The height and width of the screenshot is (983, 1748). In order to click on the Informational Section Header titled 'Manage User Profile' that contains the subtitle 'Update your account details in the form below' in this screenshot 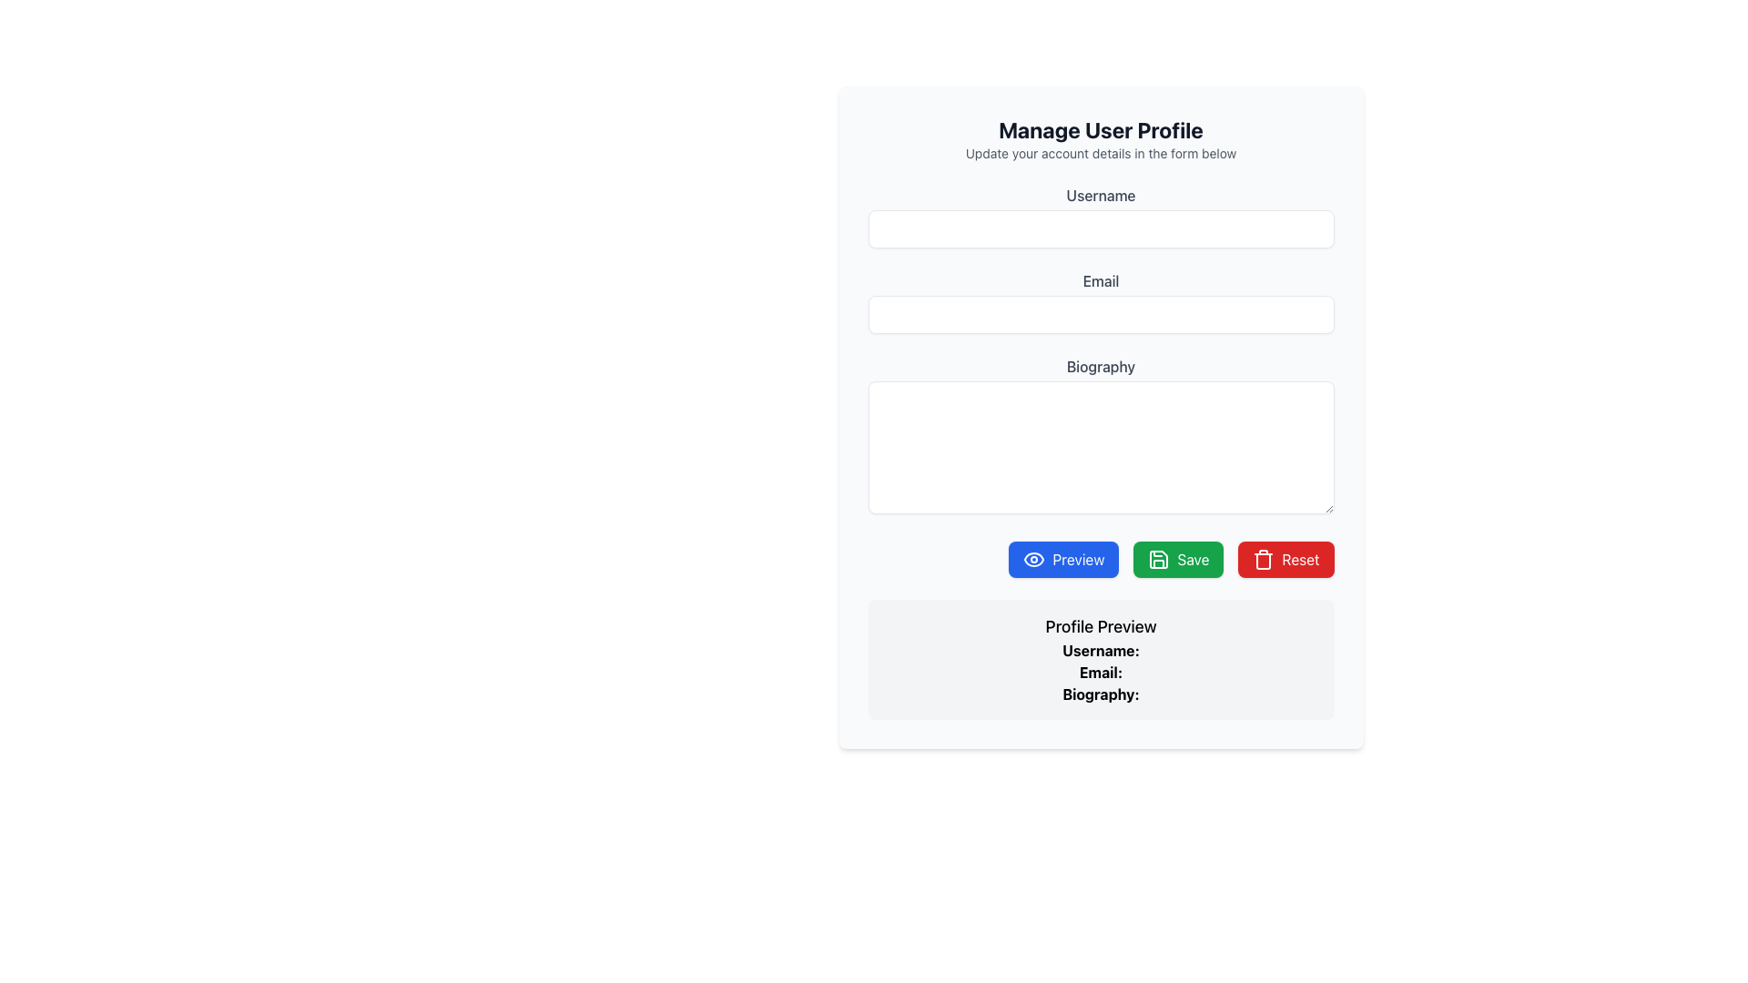, I will do `click(1100, 138)`.